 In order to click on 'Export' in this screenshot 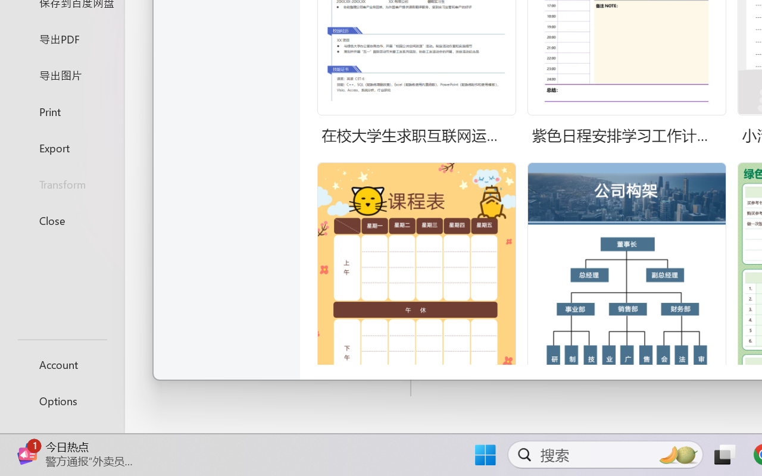, I will do `click(61, 147)`.